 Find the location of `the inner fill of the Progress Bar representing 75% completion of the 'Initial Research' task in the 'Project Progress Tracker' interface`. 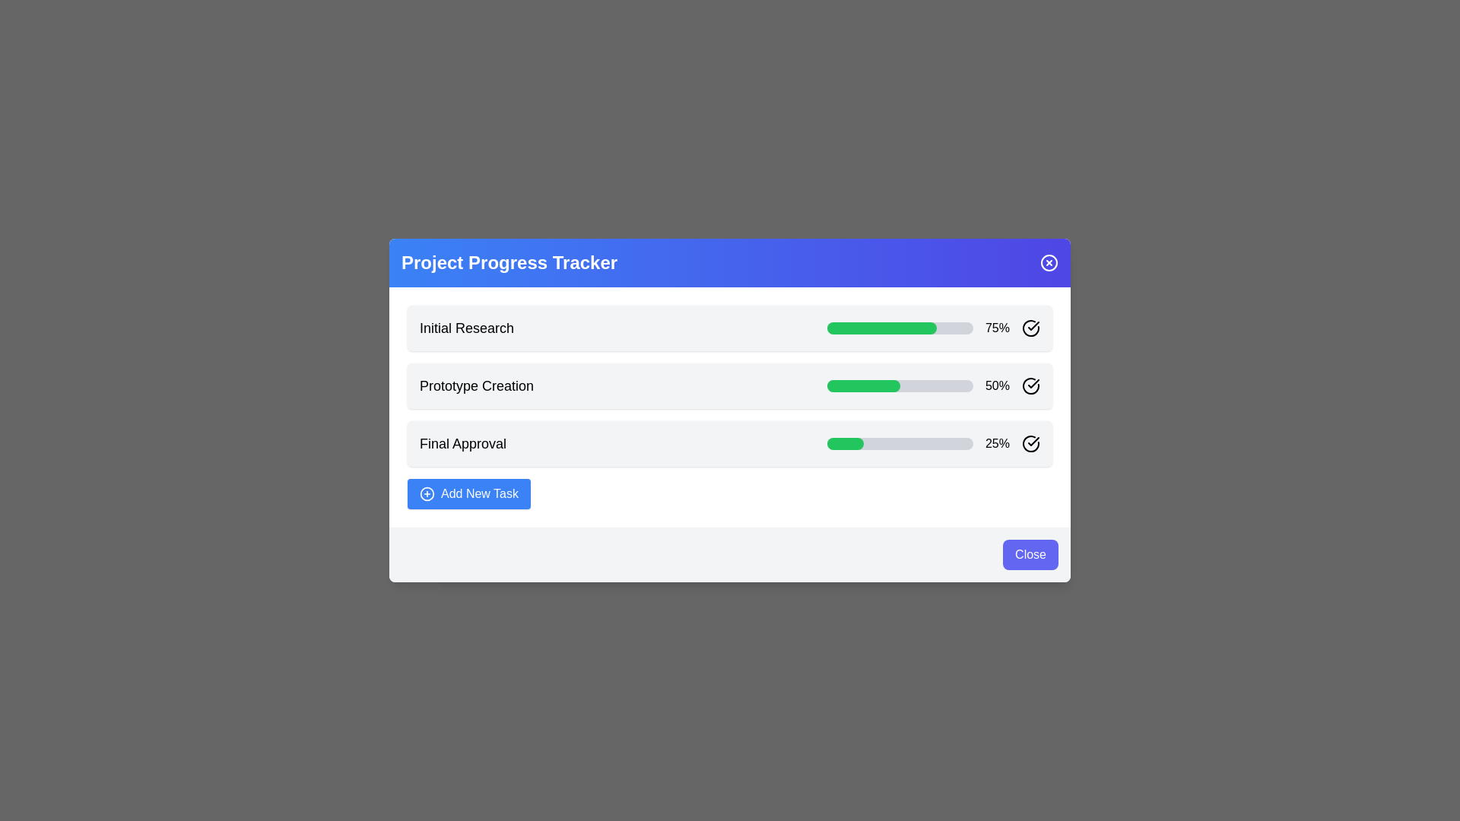

the inner fill of the Progress Bar representing 75% completion of the 'Initial Research' task in the 'Project Progress Tracker' interface is located at coordinates (882, 328).